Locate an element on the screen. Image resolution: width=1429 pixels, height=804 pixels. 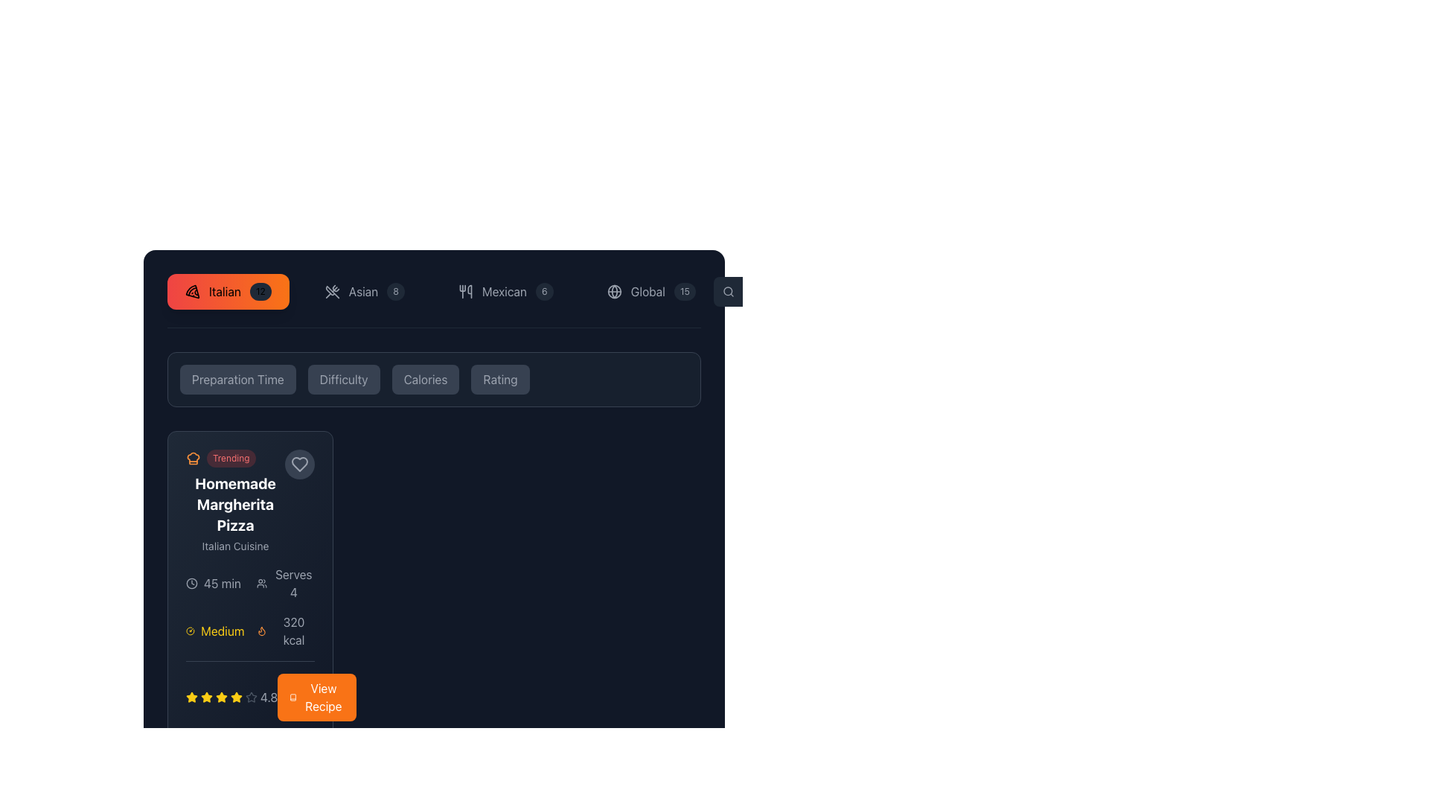
the yellow star icon used for rating the 'Homemade Margherita Pizza' is located at coordinates (191, 697).